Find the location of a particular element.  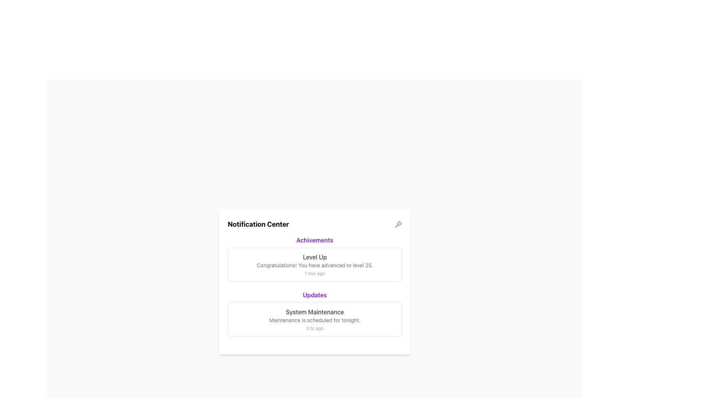

the Notification Card that congratulates the user for advancing to level 25, located in the Notification Center is located at coordinates (315, 258).